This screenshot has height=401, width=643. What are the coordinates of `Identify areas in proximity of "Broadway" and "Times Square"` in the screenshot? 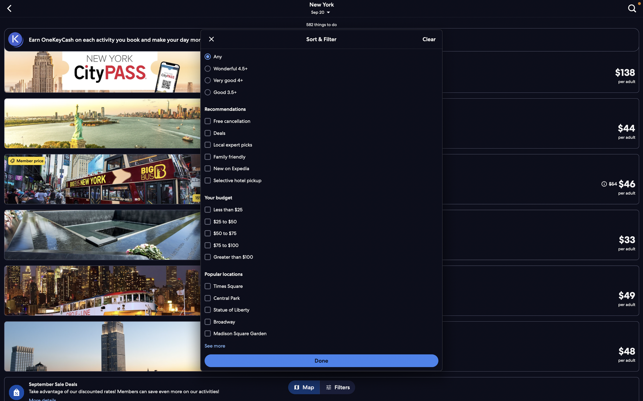 It's located at (322, 333).